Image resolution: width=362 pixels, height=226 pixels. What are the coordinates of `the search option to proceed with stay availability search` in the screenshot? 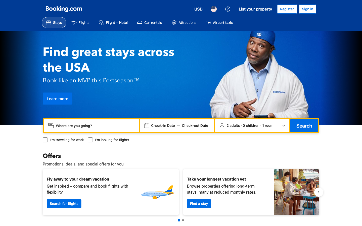 It's located at (304, 125).